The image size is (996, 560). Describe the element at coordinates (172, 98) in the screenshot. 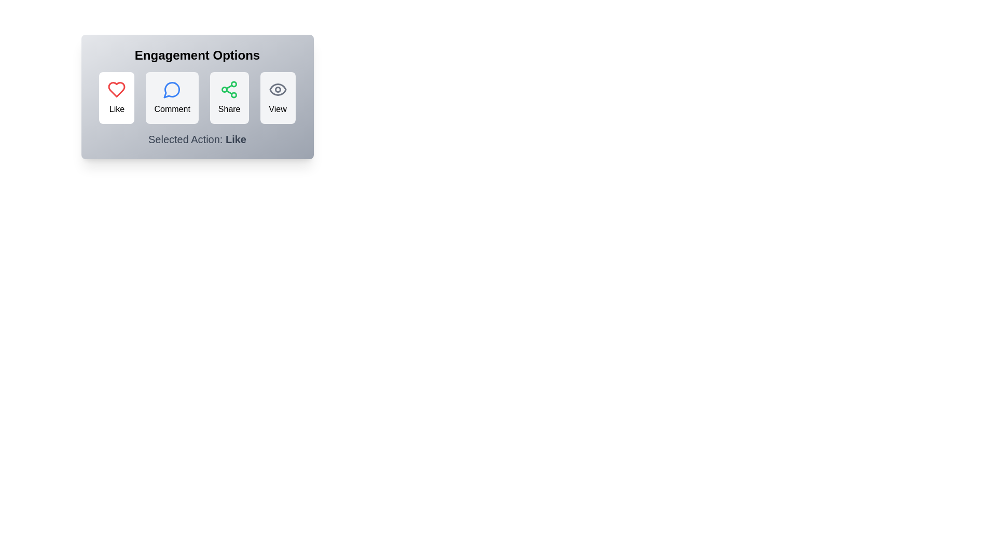

I see `the Comment button to see its hover effect` at that location.